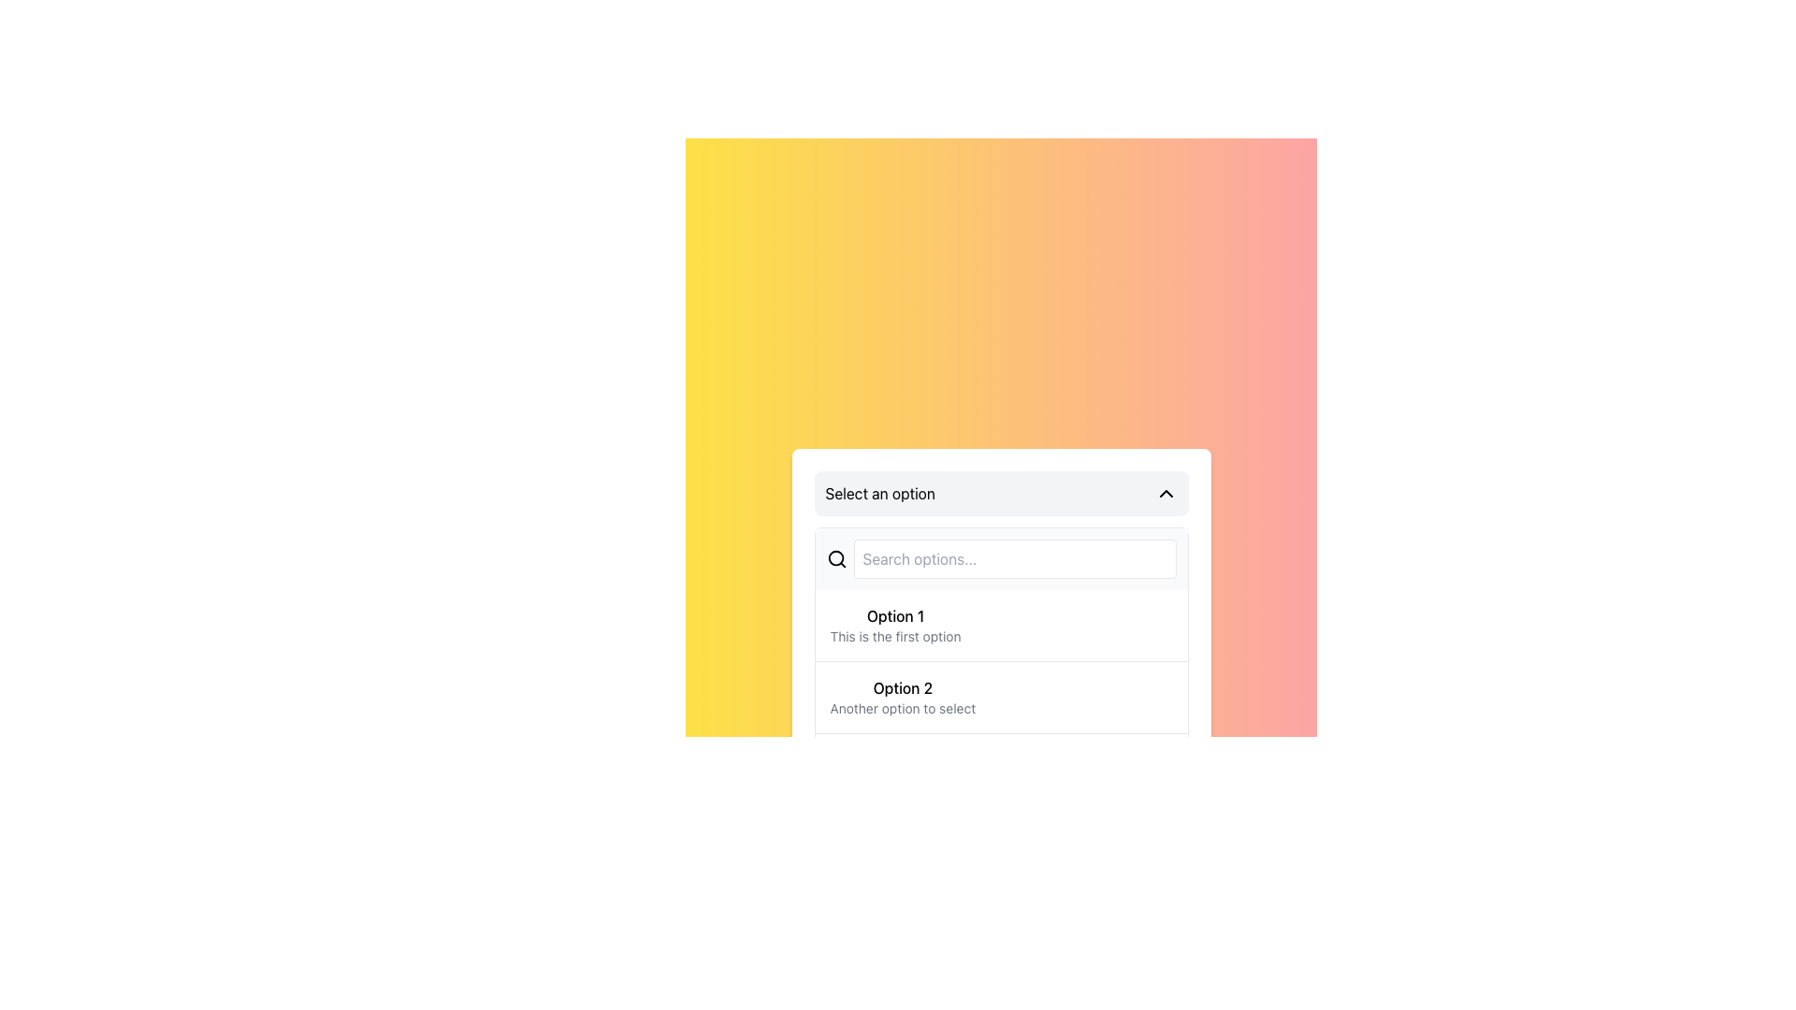 The height and width of the screenshot is (1010, 1796). What do you see at coordinates (1000, 697) in the screenshot?
I see `the Interactive List Item that allows users to select 'Option 2' in the dropdown menu` at bounding box center [1000, 697].